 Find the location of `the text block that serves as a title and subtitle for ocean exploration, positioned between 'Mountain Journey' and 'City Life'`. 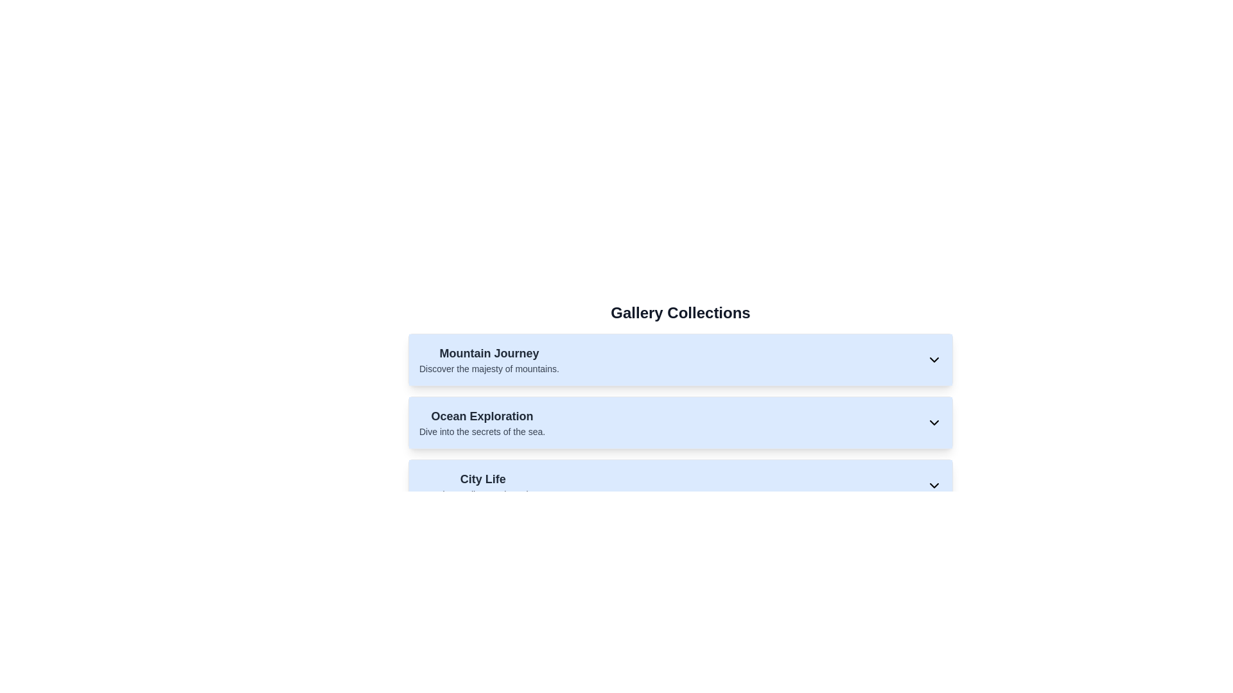

the text block that serves as a title and subtitle for ocean exploration, positioned between 'Mountain Journey' and 'City Life' is located at coordinates (482, 423).